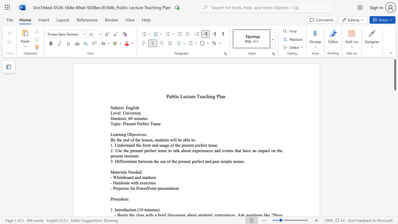 The image size is (398, 224). Describe the element at coordinates (131, 177) in the screenshot. I see `the subset text "d and mark" within the text "- Whiteboard and markers"` at that location.